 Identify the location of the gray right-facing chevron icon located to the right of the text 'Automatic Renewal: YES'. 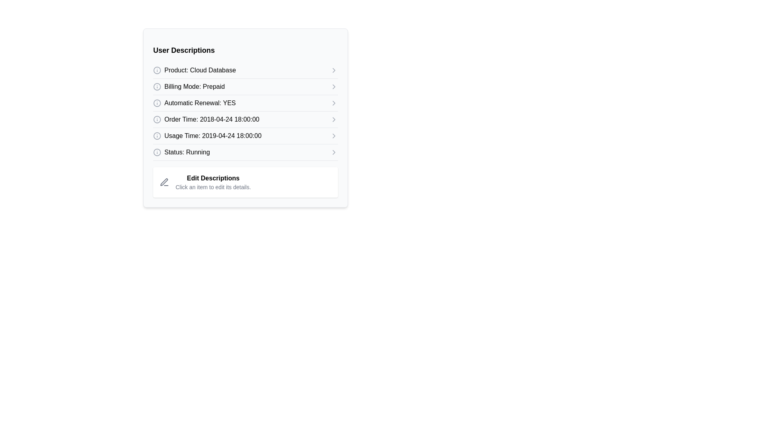
(334, 103).